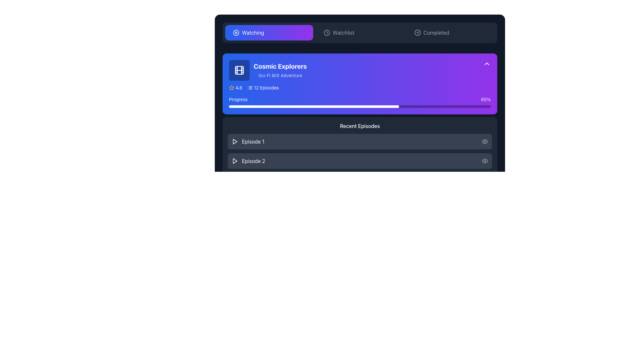 The height and width of the screenshot is (350, 622). Describe the element at coordinates (313, 254) in the screenshot. I see `the progress` at that location.